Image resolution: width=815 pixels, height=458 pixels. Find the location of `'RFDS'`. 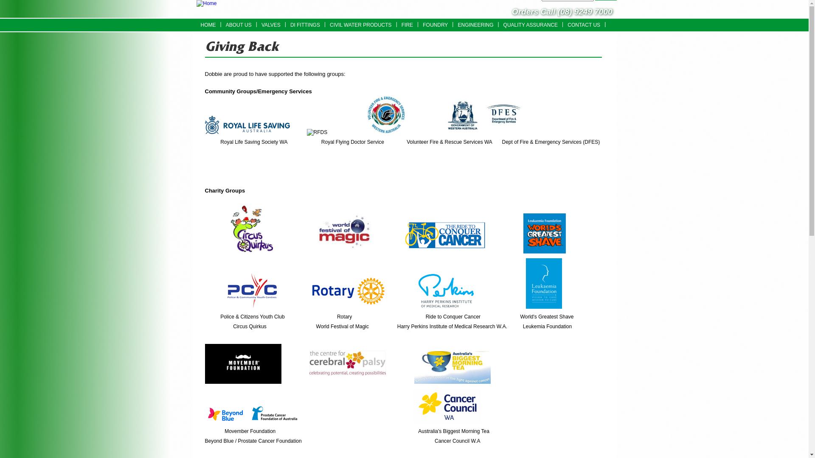

'RFDS' is located at coordinates (317, 132).